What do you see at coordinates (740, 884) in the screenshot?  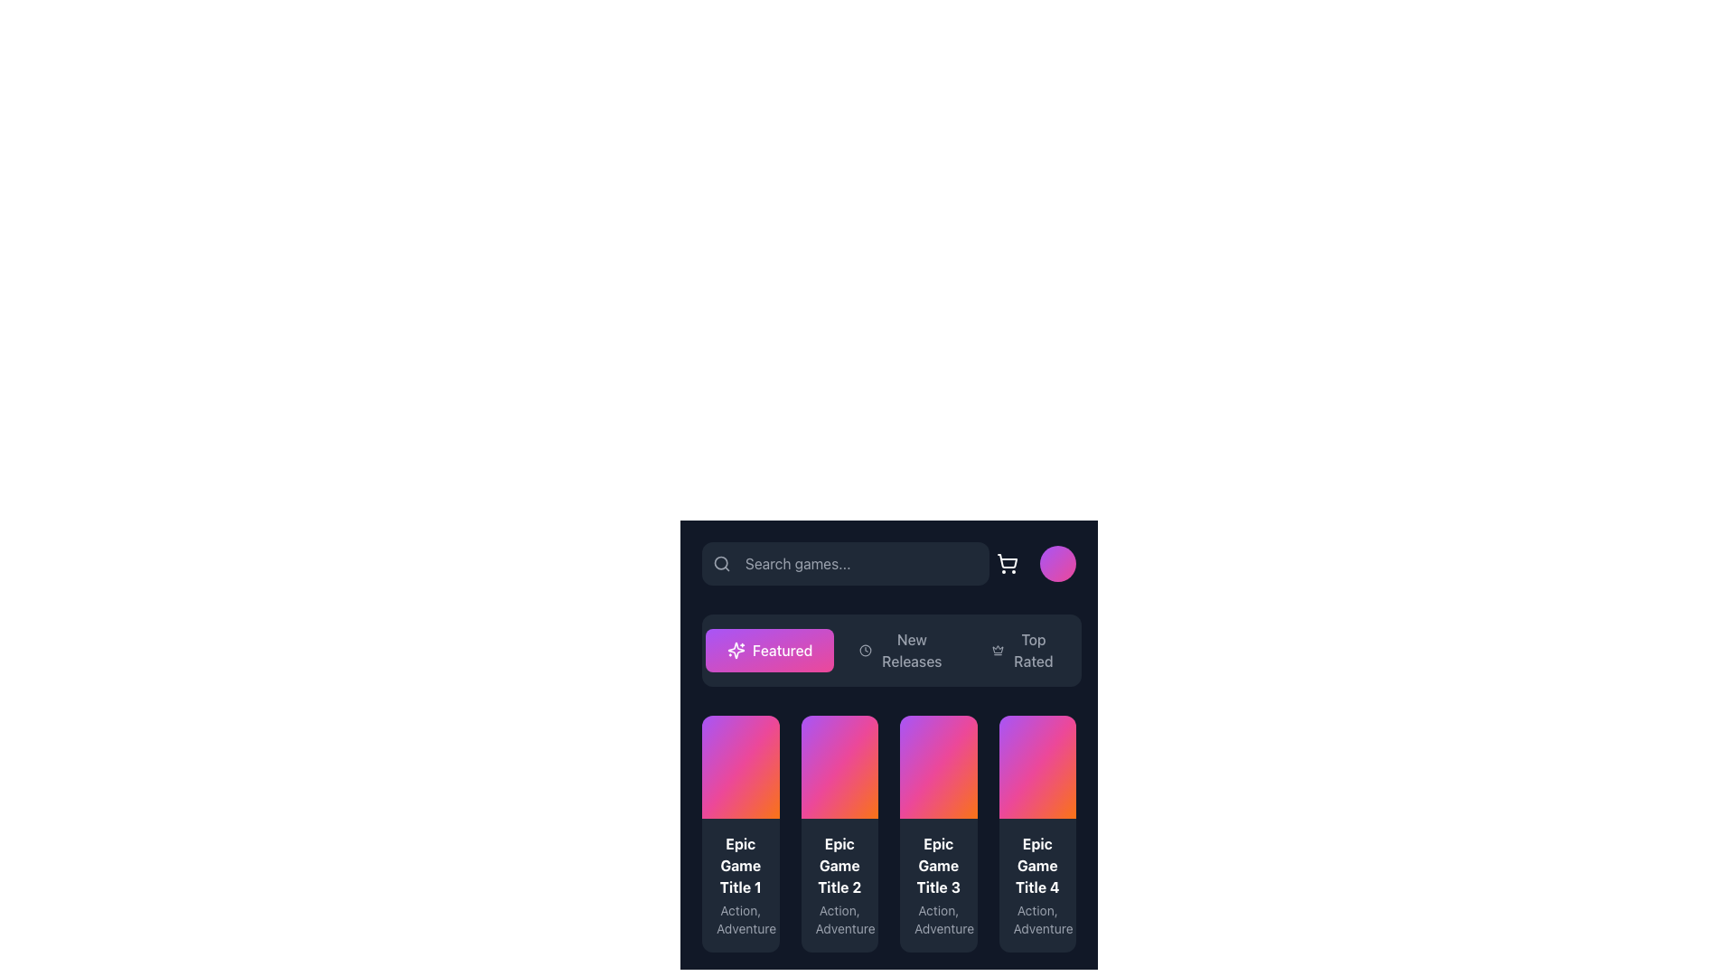 I see `the Informative text block containing the title 'Epic Game Title 1' and the description 'Action, Adventure'` at bounding box center [740, 884].